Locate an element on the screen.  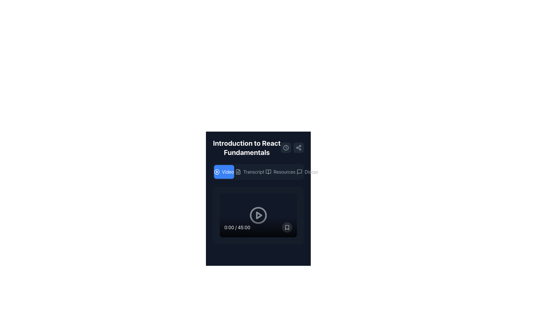
the 'Transcript' button, which is the second button in a group located just below the header 'Introduction to React Fundamentals' is located at coordinates (258, 172).